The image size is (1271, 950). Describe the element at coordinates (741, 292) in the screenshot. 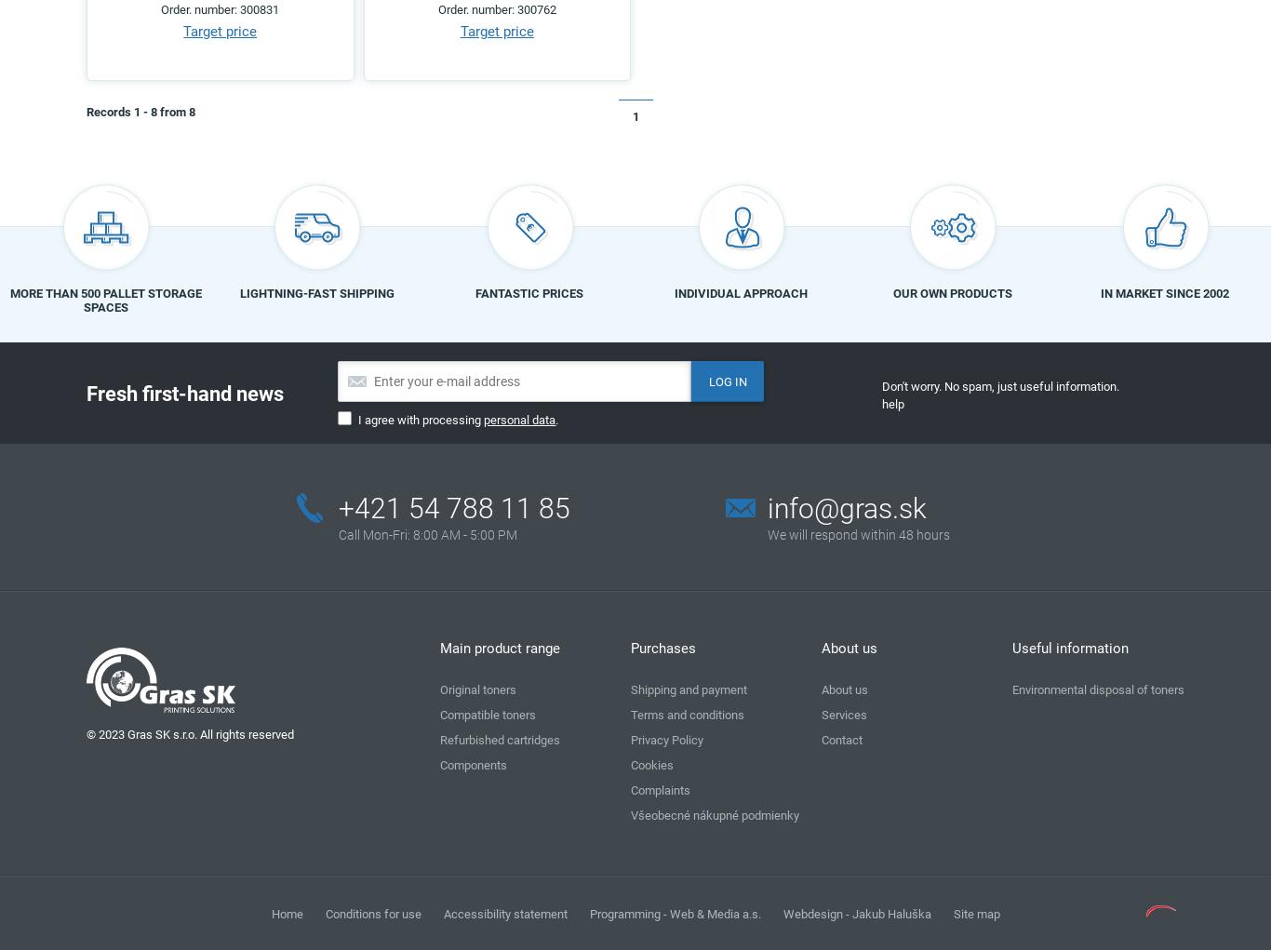

I see `'Individual approach'` at that location.